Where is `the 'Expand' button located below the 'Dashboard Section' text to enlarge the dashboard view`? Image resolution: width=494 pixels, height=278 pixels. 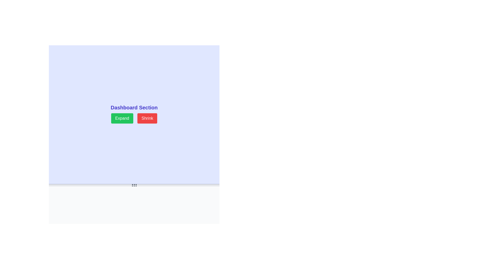 the 'Expand' button located below the 'Dashboard Section' text to enlarge the dashboard view is located at coordinates (134, 115).